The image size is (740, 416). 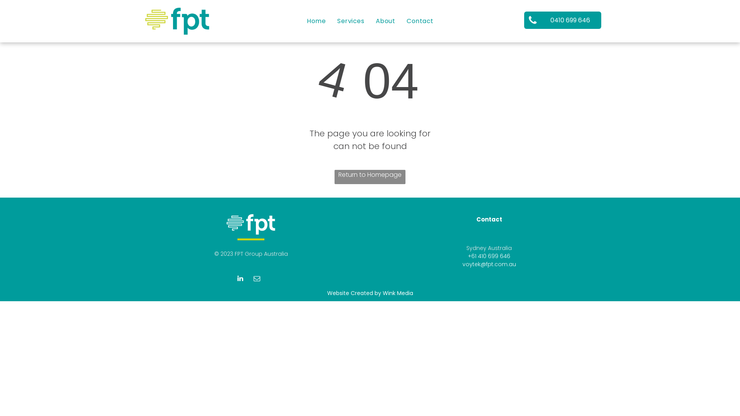 I want to click on 'Services', so click(x=350, y=20).